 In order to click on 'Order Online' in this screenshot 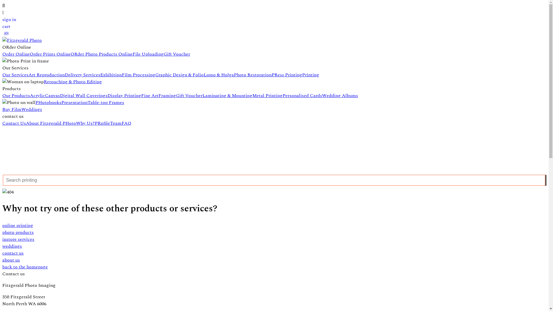, I will do `click(16, 54)`.